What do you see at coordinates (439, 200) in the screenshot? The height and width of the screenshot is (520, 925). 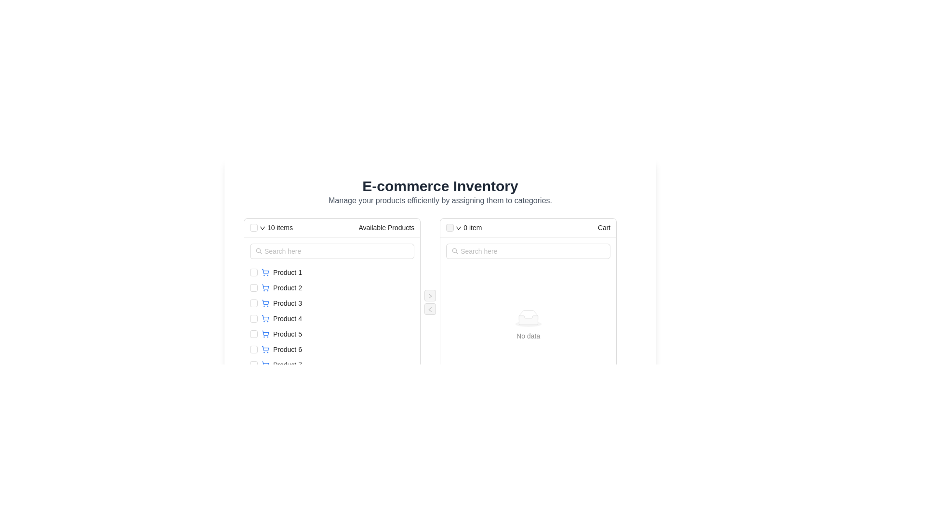 I see `the static text element that reads 'Manage your products efficiently by assigning them to categories', which is positioned below the main heading 'E-commerce Inventory'` at bounding box center [439, 200].